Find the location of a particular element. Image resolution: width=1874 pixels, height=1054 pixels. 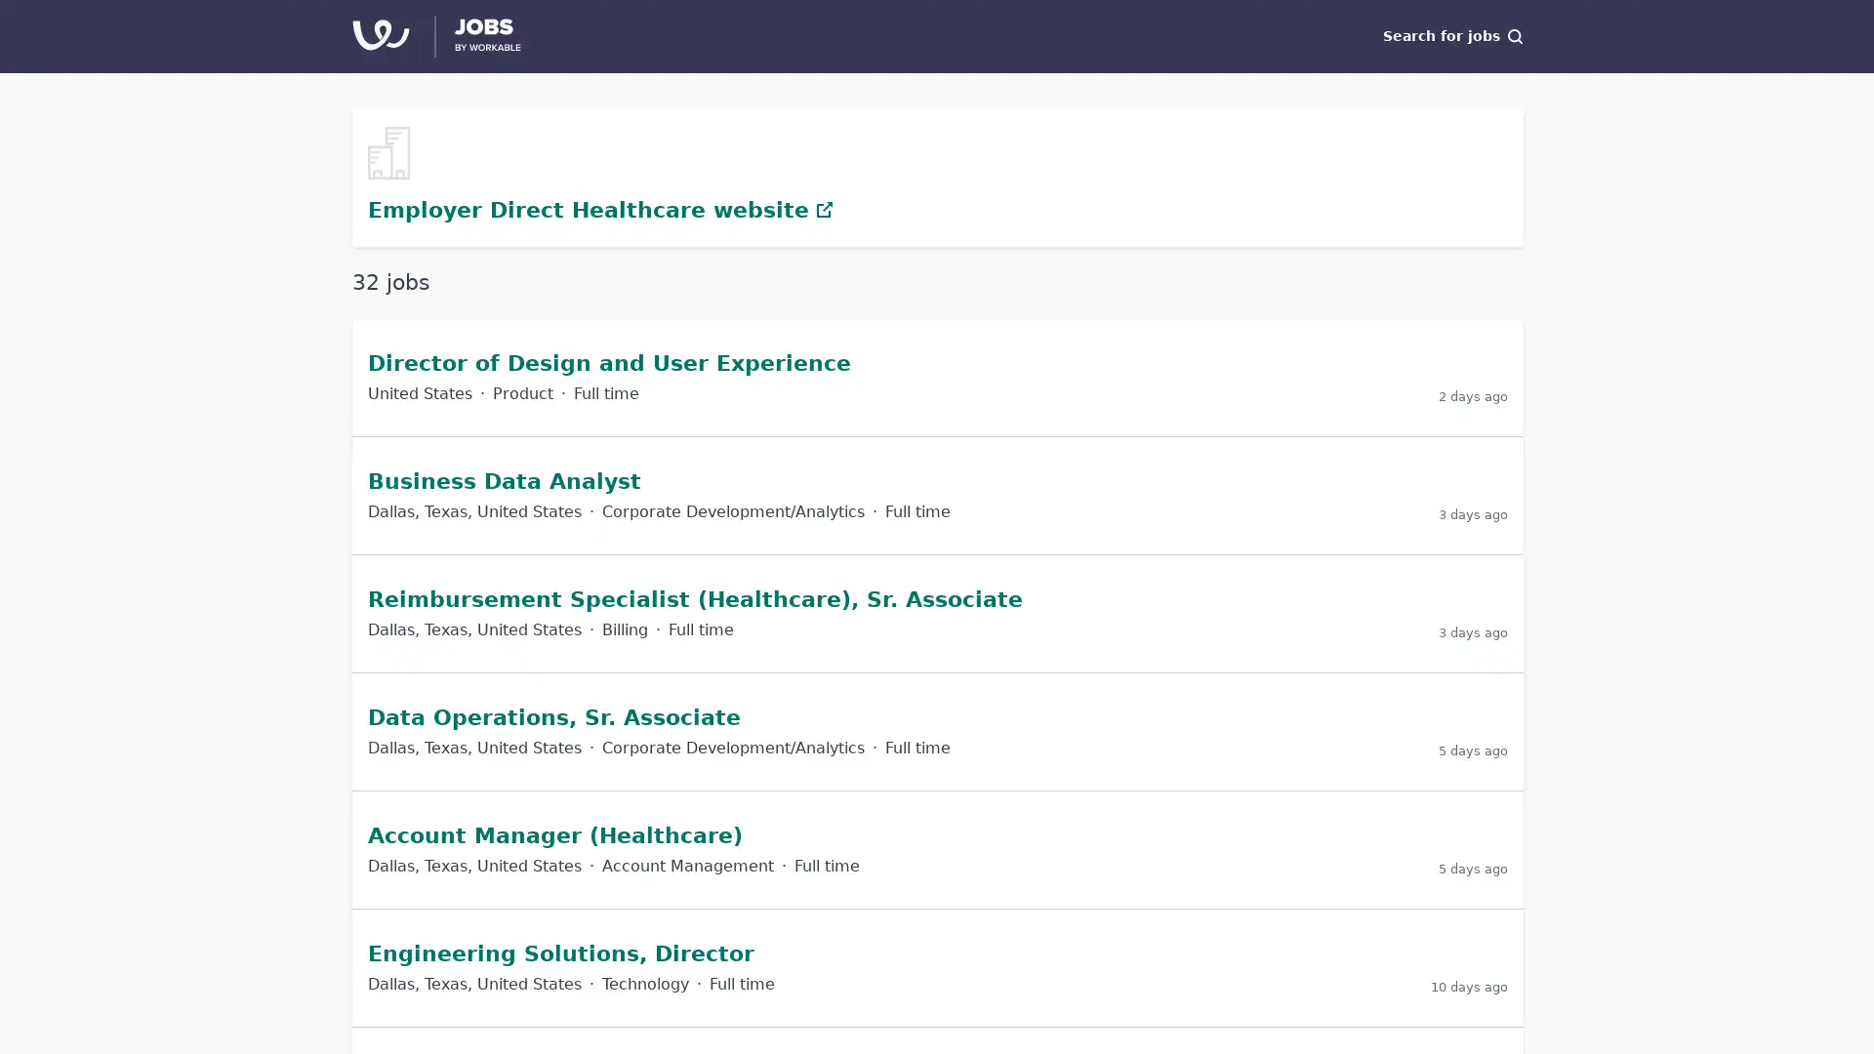

Director of Design and User Experience at Employer Direct Healthcare is located at coordinates (937, 376).